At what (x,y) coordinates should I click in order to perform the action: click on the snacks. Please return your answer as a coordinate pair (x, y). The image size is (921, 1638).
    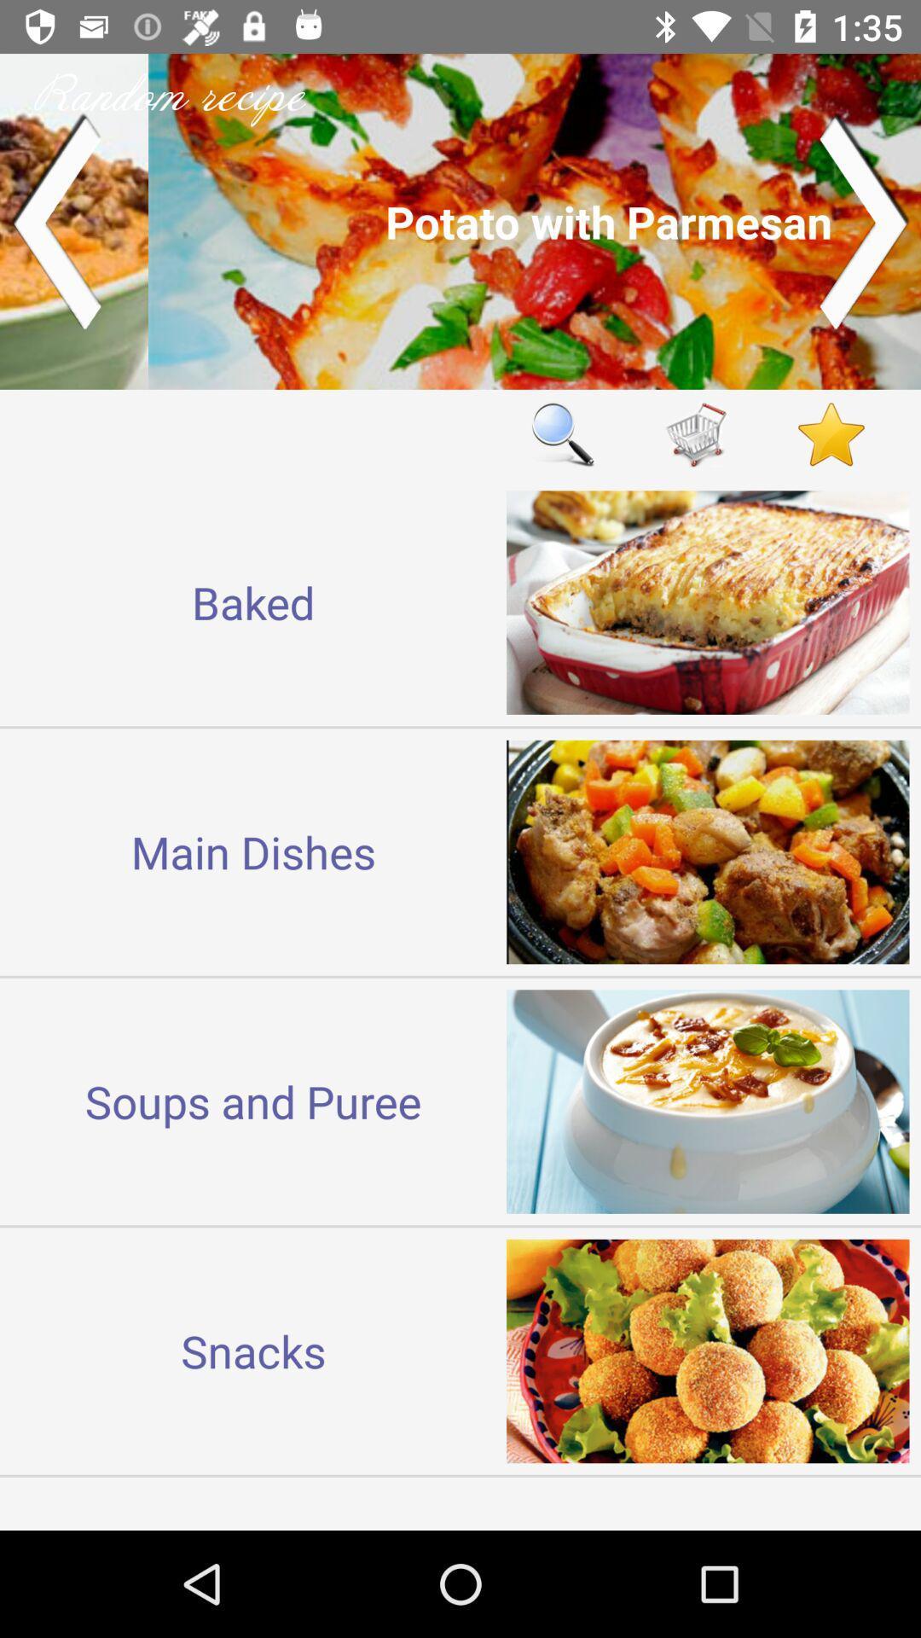
    Looking at the image, I should click on (253, 1350).